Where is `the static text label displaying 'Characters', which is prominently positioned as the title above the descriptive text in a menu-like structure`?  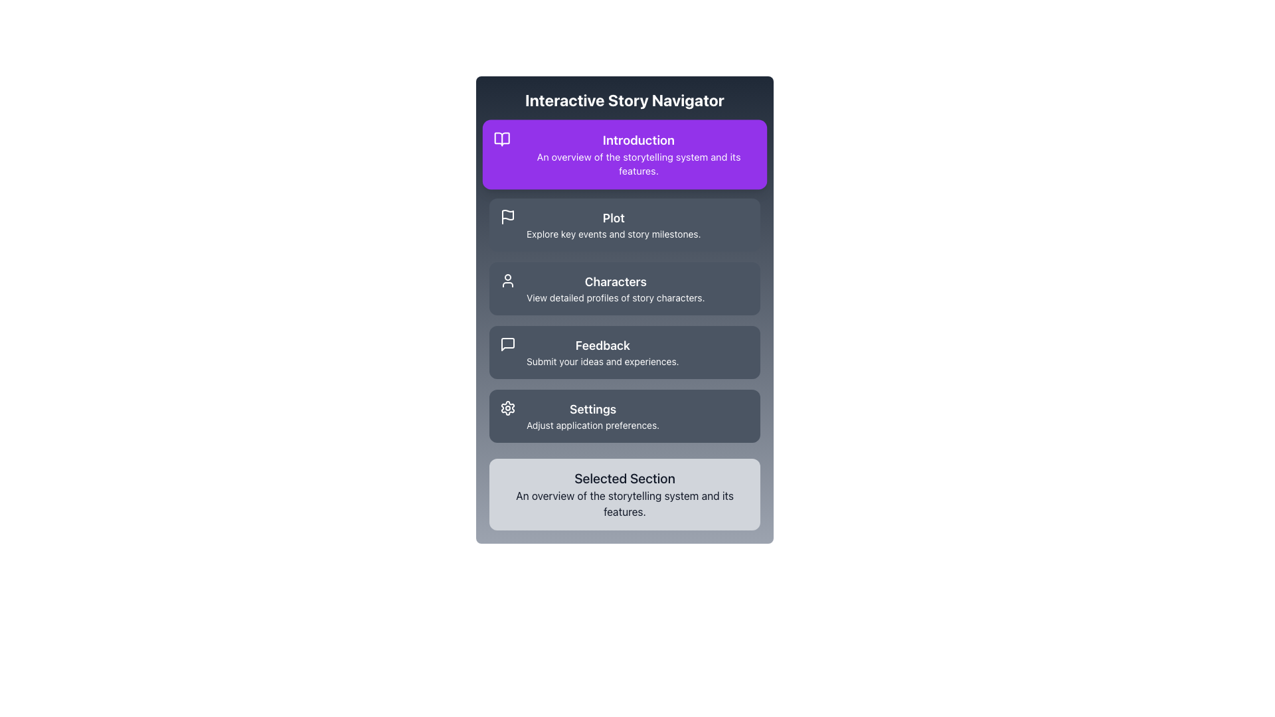 the static text label displaying 'Characters', which is prominently positioned as the title above the descriptive text in a menu-like structure is located at coordinates (615, 281).